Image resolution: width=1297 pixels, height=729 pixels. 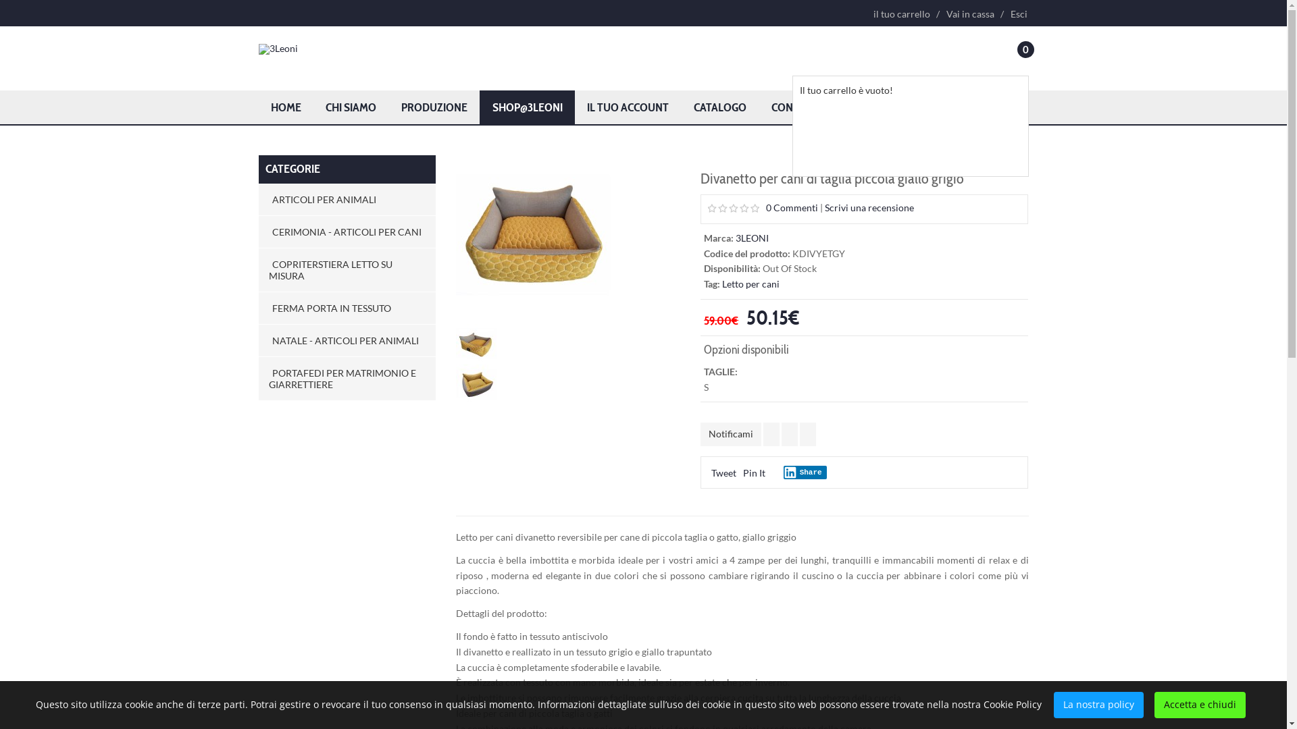 What do you see at coordinates (901, 13) in the screenshot?
I see `'il tuo carrello'` at bounding box center [901, 13].